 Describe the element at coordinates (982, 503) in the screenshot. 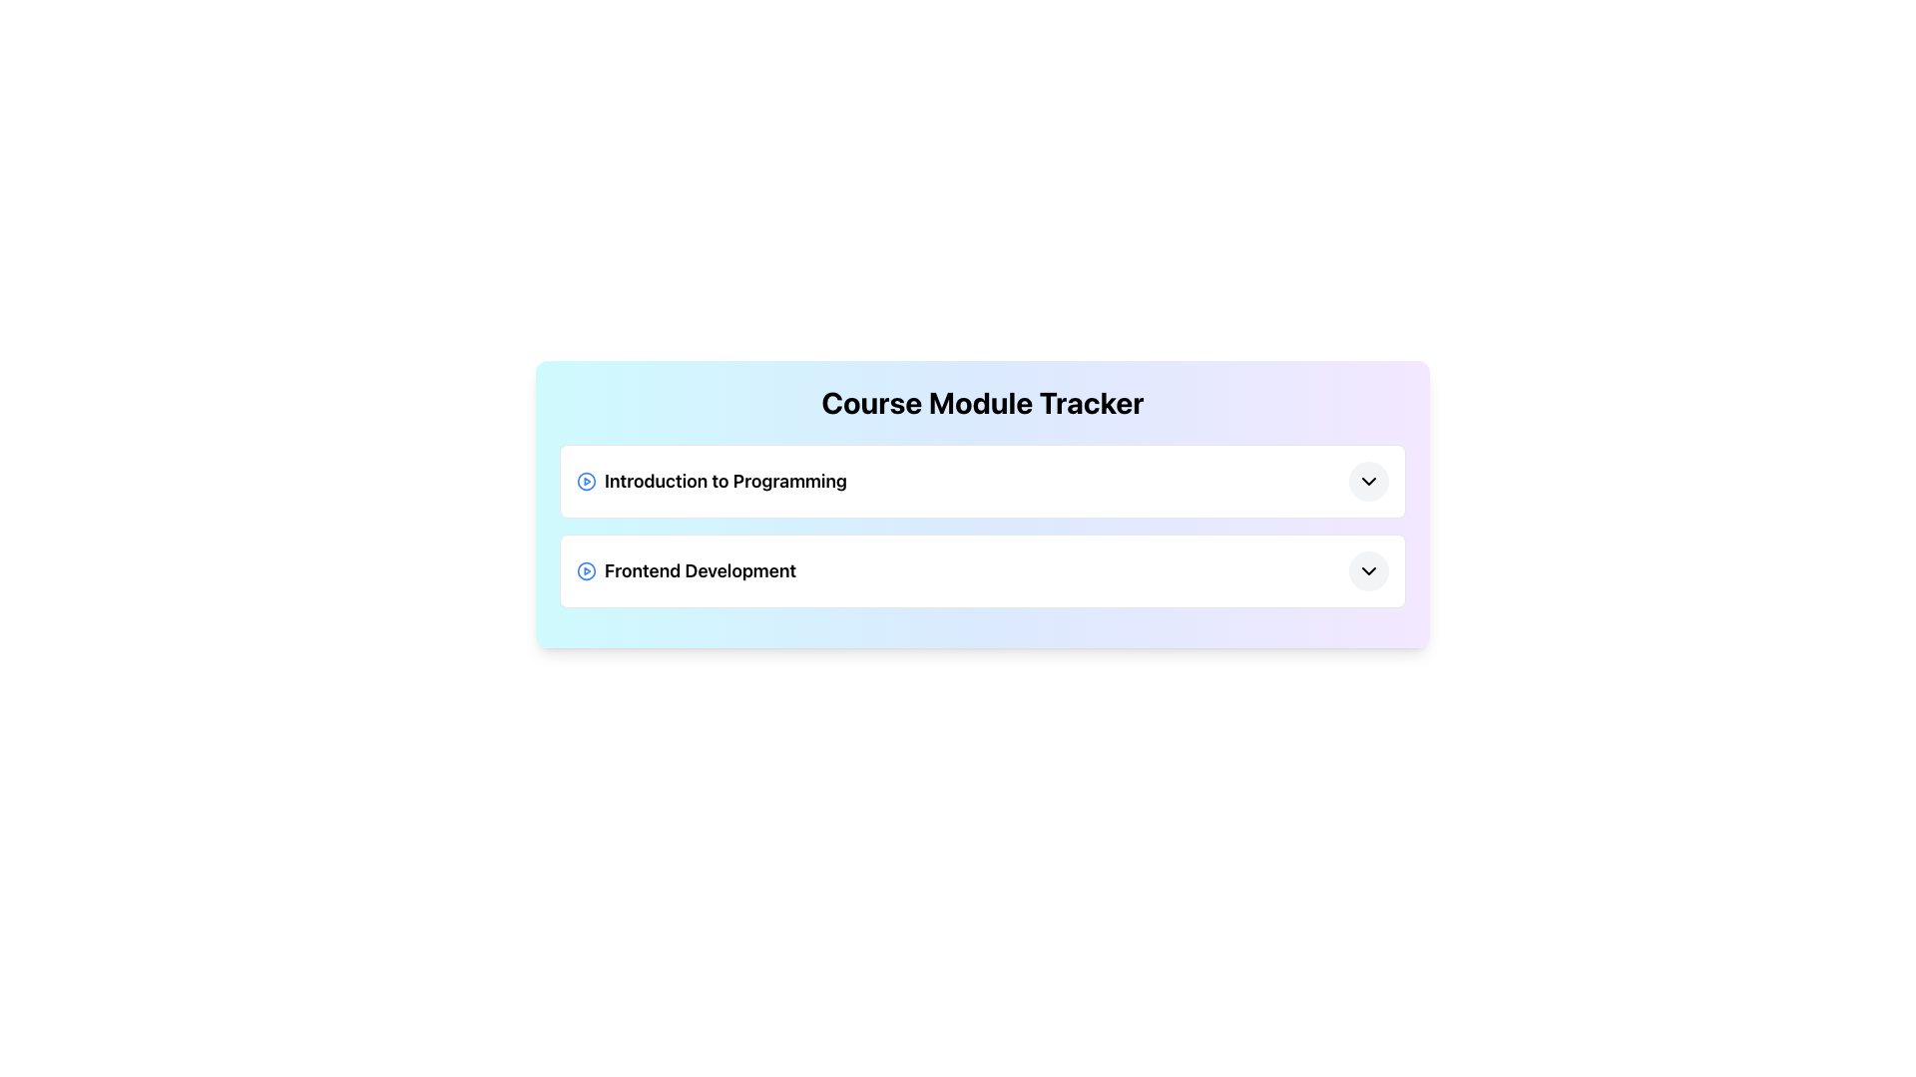

I see `the first module title in the 'Course Module Tracker' composite card, which is listed vertically as 'Introduction to Programming'` at that location.